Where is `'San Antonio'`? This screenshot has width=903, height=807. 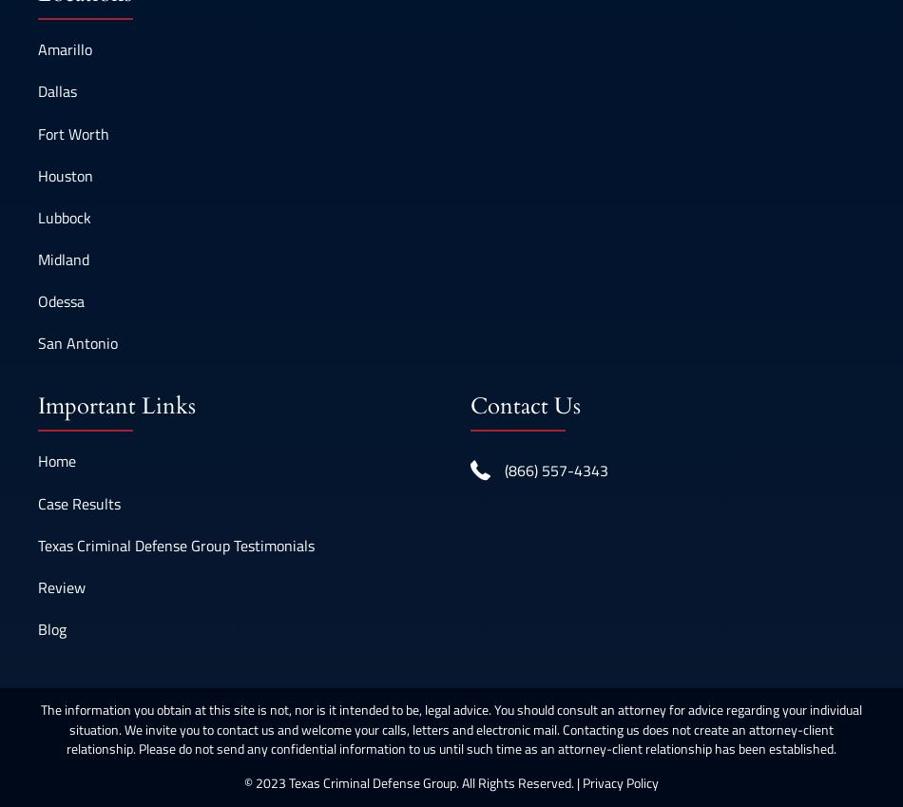
'San Antonio' is located at coordinates (77, 342).